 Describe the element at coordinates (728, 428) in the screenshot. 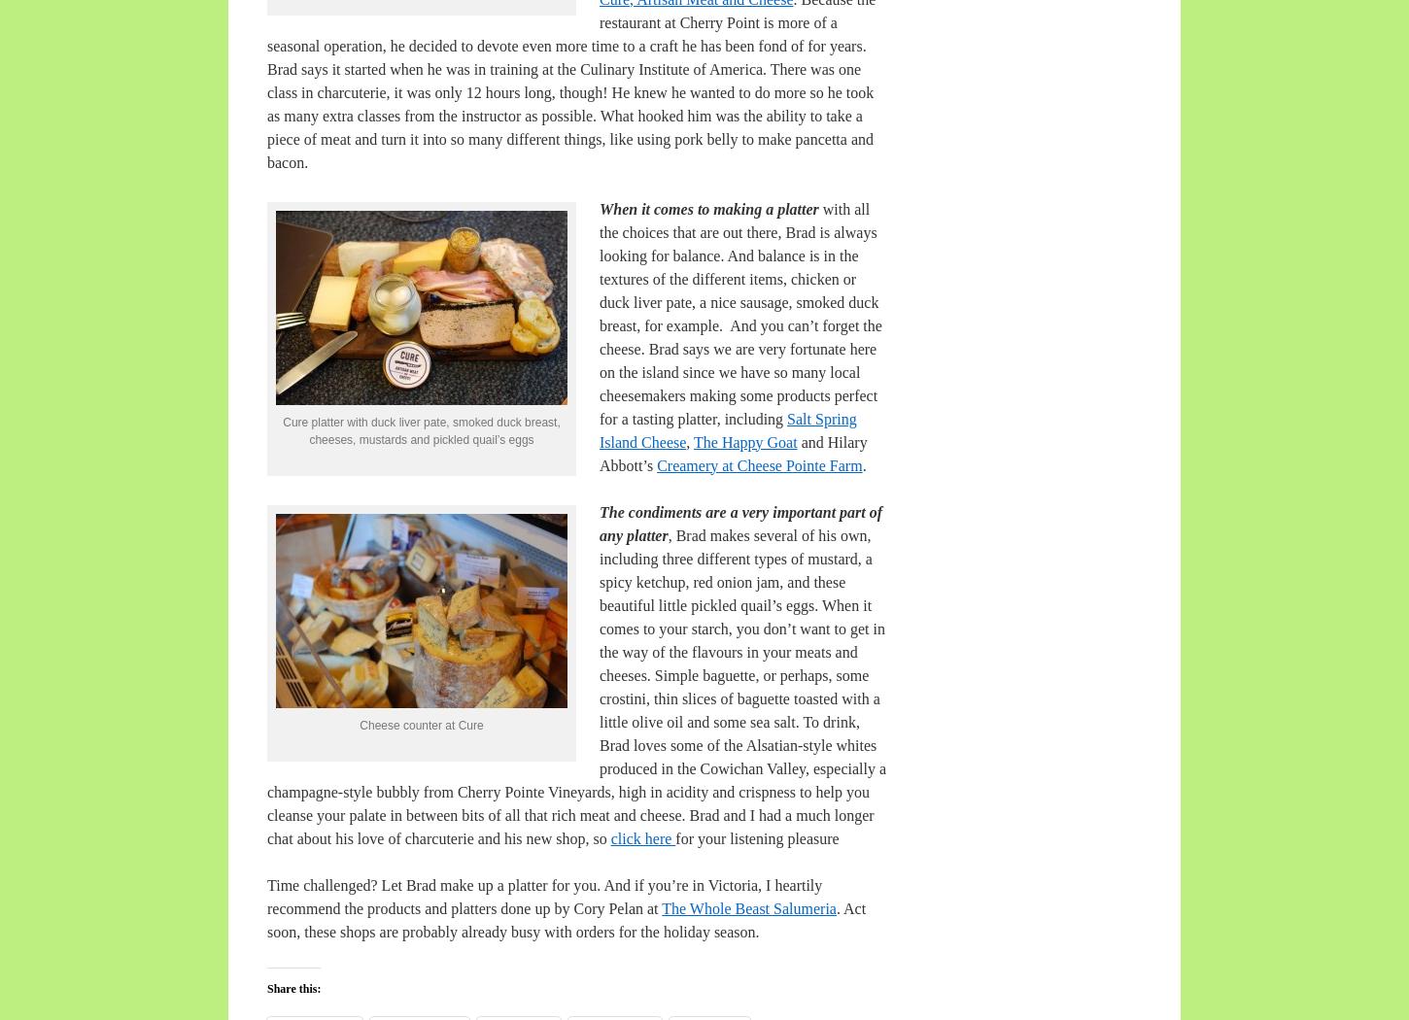

I see `'Salt Spring Island Cheese'` at that location.